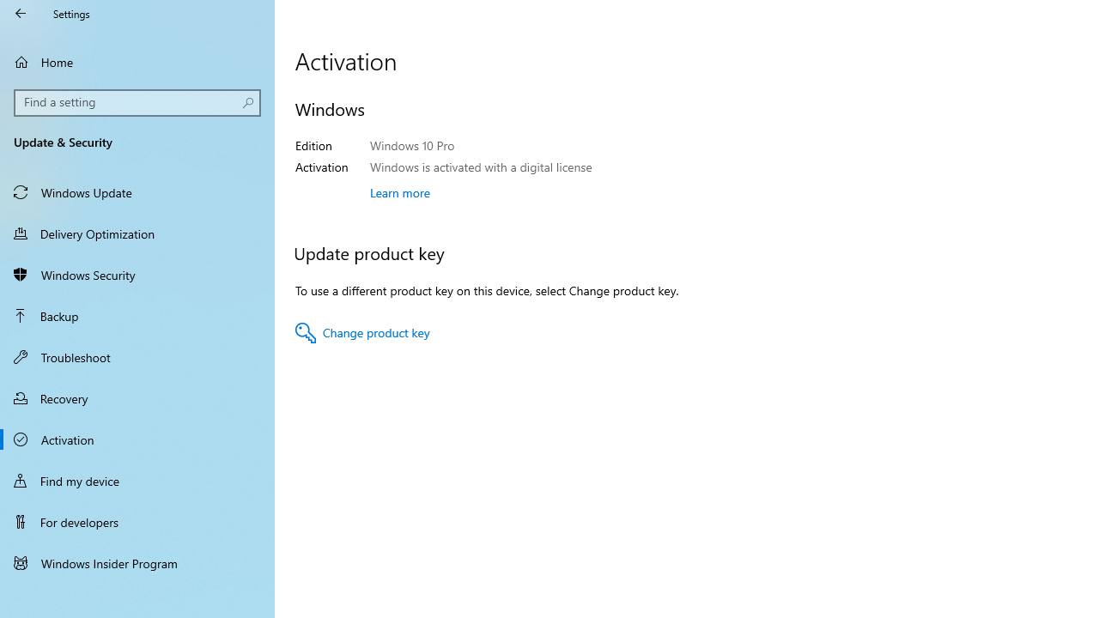 The width and height of the screenshot is (1099, 618). Describe the element at coordinates (137, 398) in the screenshot. I see `'Recovery'` at that location.